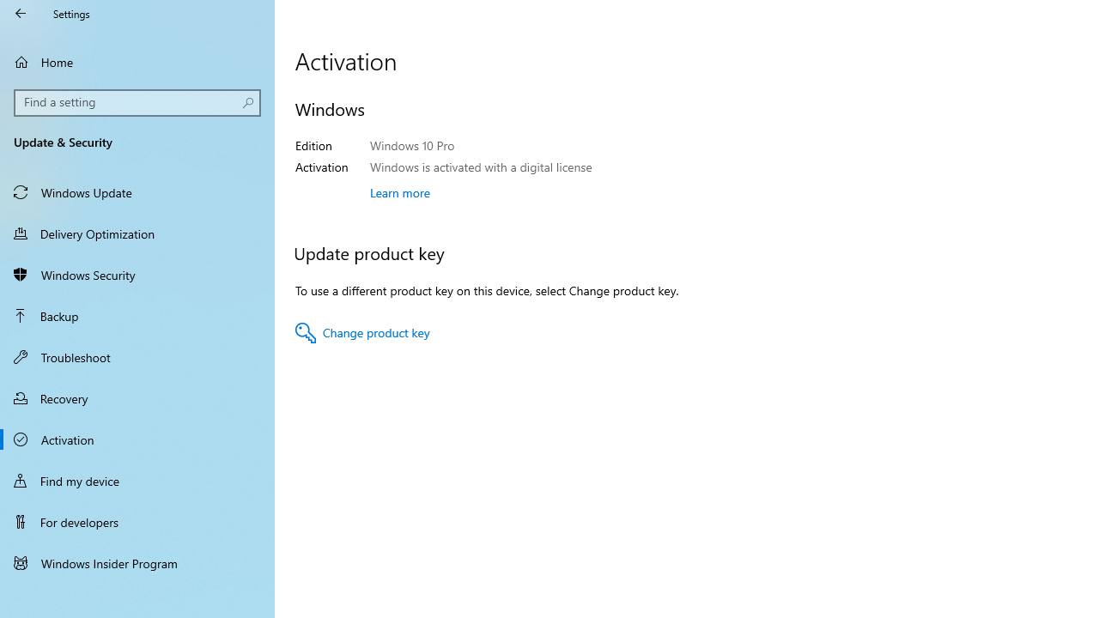 The width and height of the screenshot is (1099, 618). Describe the element at coordinates (137, 398) in the screenshot. I see `'Recovery'` at that location.